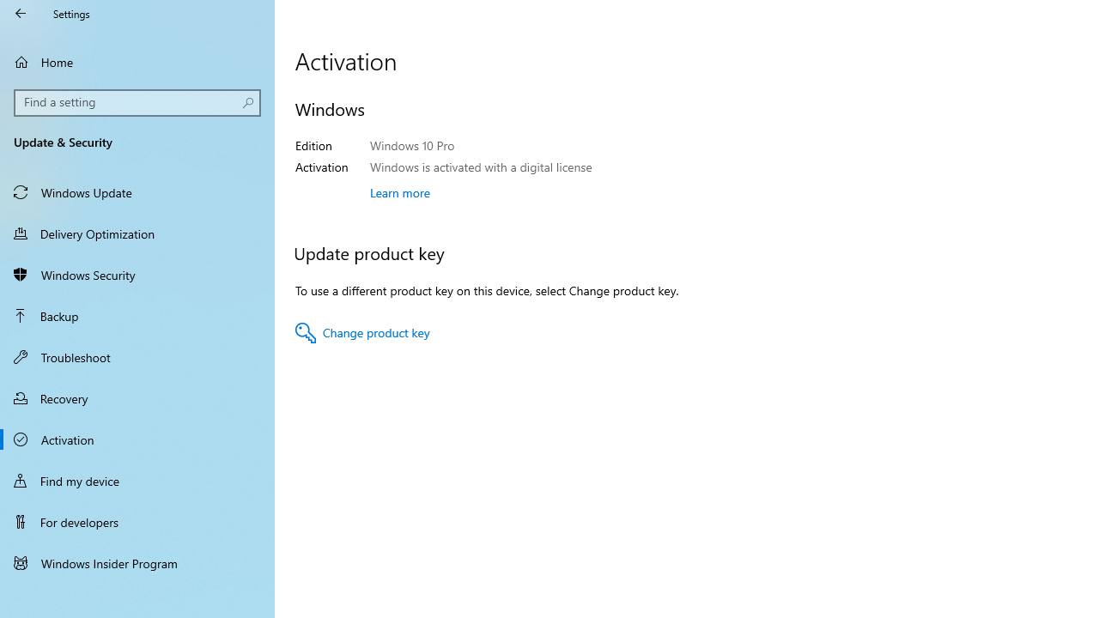 The width and height of the screenshot is (1099, 618). Describe the element at coordinates (137, 398) in the screenshot. I see `'Recovery'` at that location.